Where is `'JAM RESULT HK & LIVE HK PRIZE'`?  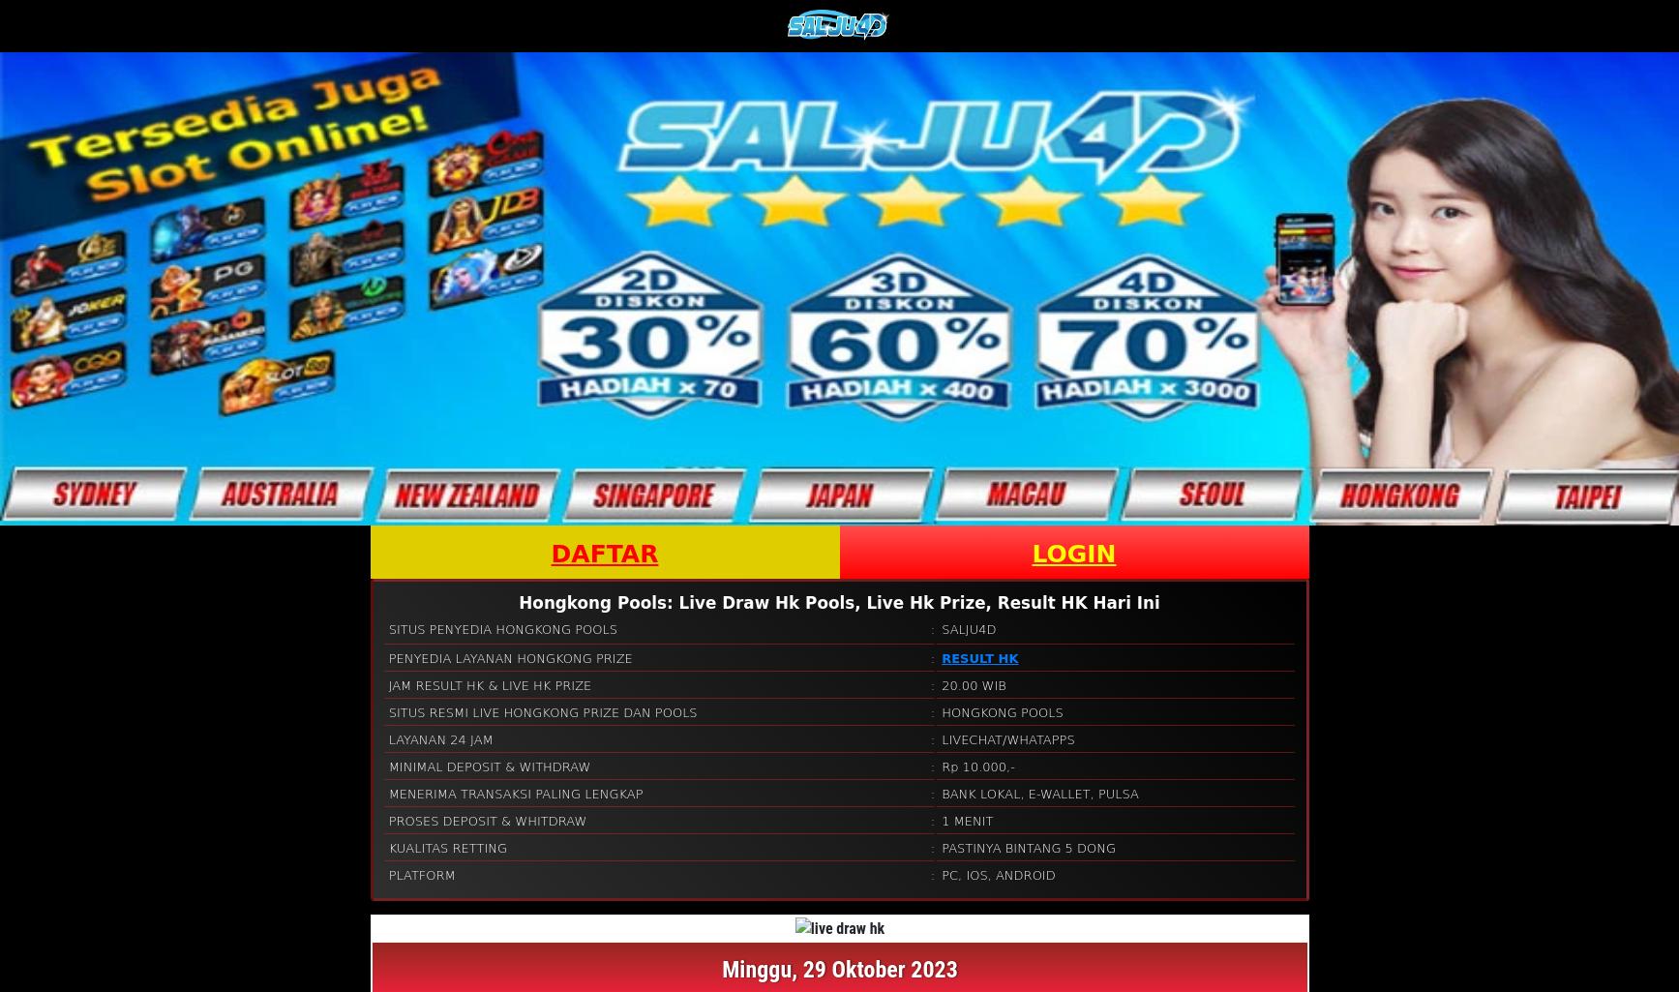
'JAM RESULT HK & LIVE HK PRIZE' is located at coordinates (489, 683).